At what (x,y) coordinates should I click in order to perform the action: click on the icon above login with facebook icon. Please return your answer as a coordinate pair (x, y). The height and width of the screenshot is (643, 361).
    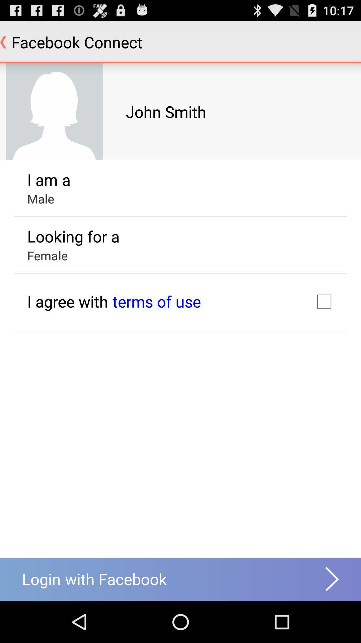
    Looking at the image, I should click on (68, 301).